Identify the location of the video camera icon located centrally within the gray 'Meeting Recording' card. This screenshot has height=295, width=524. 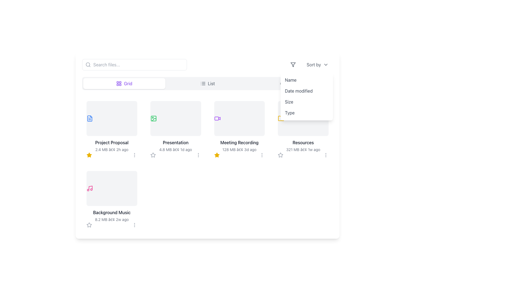
(217, 118).